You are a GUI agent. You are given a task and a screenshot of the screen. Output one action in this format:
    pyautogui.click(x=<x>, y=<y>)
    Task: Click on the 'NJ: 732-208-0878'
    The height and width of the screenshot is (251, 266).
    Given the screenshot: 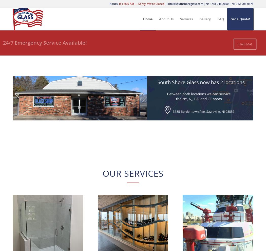 What is the action you would take?
    pyautogui.click(x=232, y=3)
    